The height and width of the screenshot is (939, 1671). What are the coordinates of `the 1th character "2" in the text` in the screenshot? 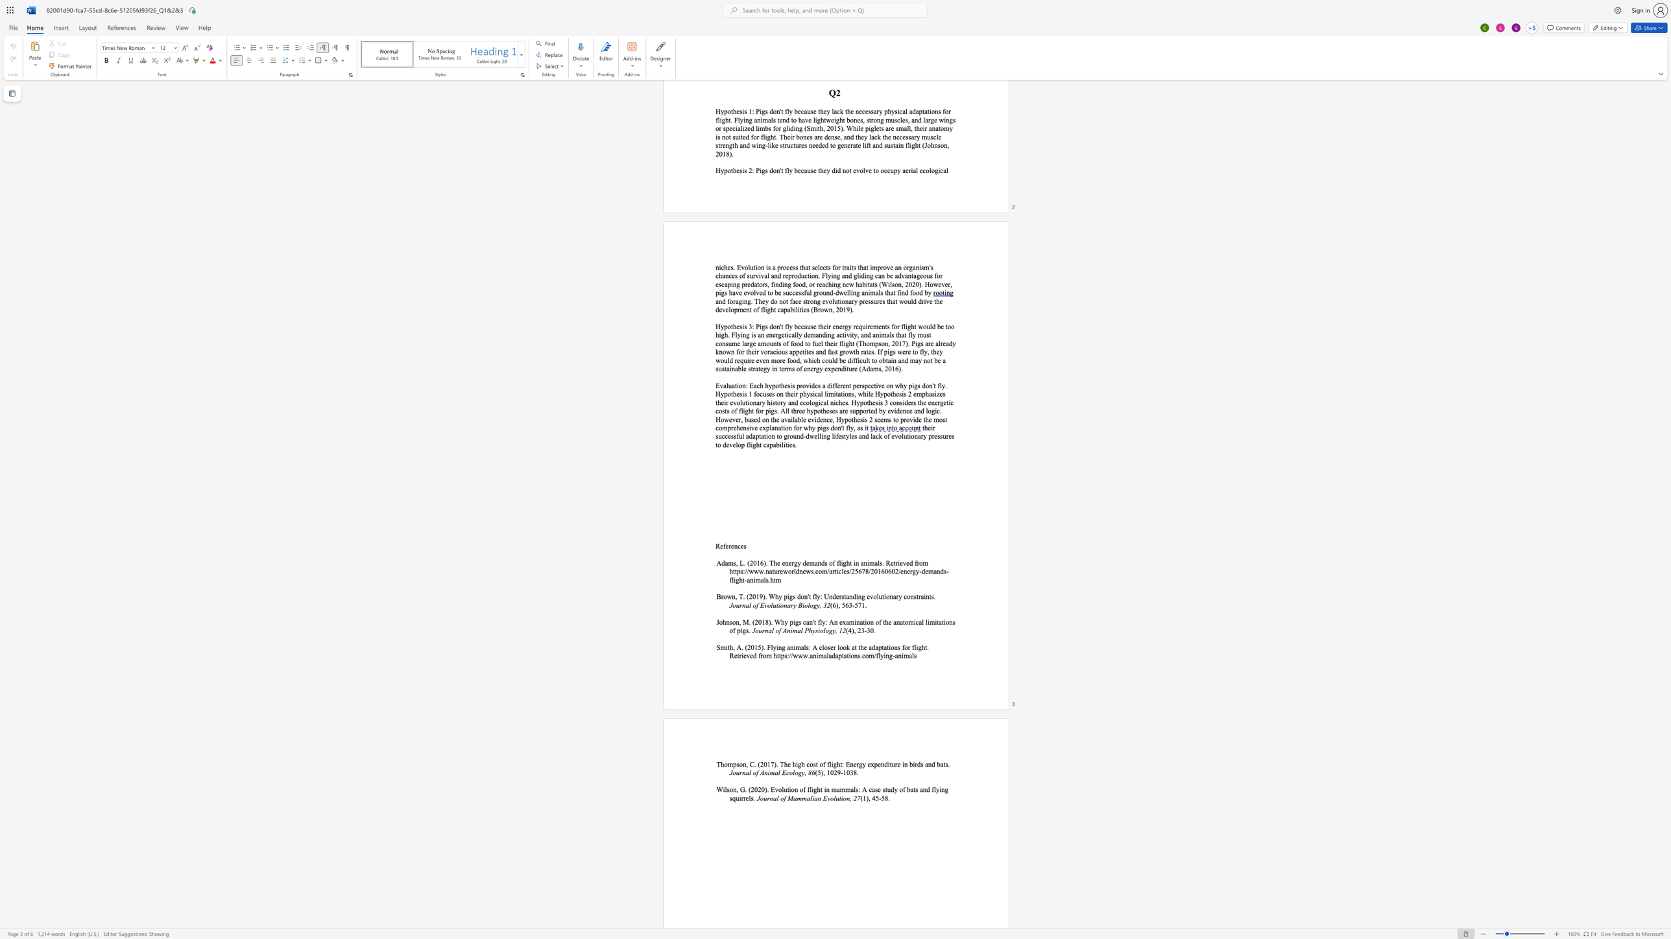 It's located at (855, 798).